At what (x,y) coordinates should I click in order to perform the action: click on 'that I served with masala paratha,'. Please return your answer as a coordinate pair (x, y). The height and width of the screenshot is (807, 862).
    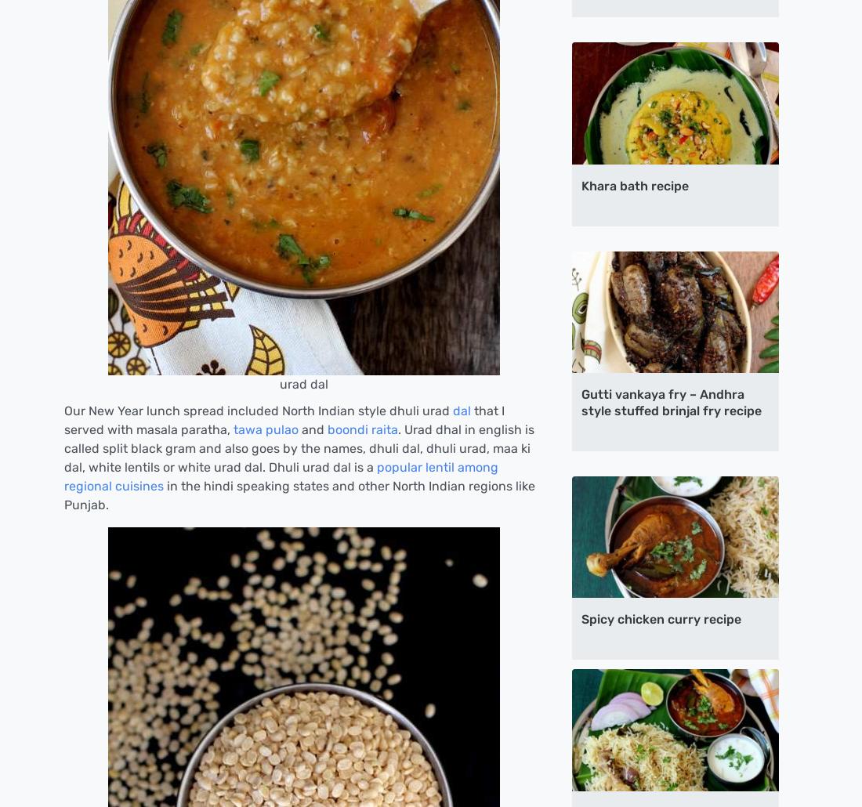
    Looking at the image, I should click on (284, 419).